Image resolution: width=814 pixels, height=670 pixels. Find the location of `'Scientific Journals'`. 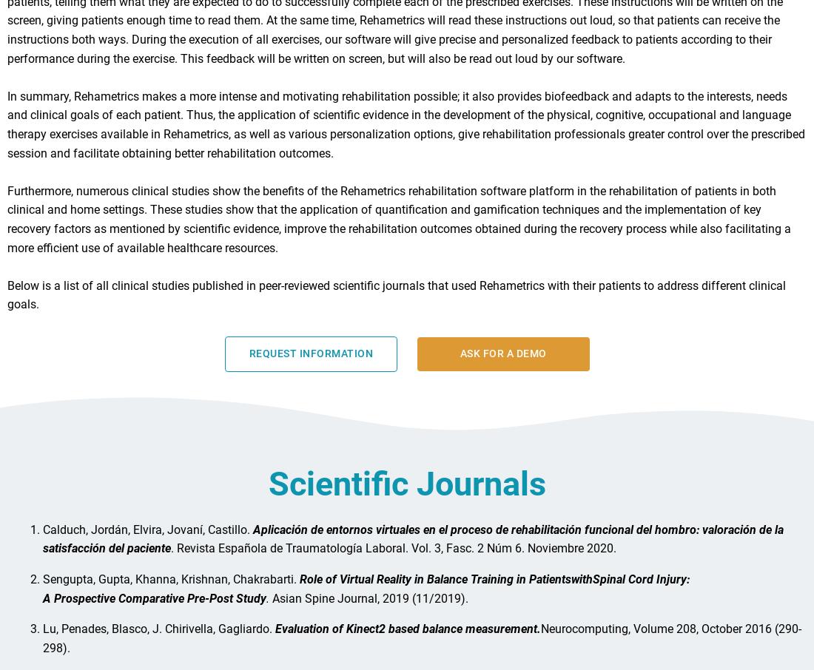

'Scientific Journals' is located at coordinates (406, 489).